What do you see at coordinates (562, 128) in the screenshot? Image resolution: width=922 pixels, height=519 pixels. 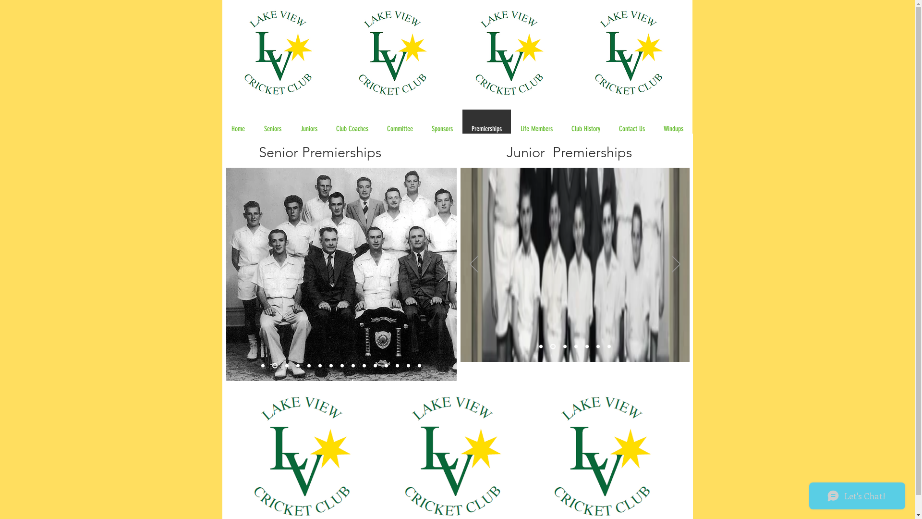 I see `'Club History'` at bounding box center [562, 128].